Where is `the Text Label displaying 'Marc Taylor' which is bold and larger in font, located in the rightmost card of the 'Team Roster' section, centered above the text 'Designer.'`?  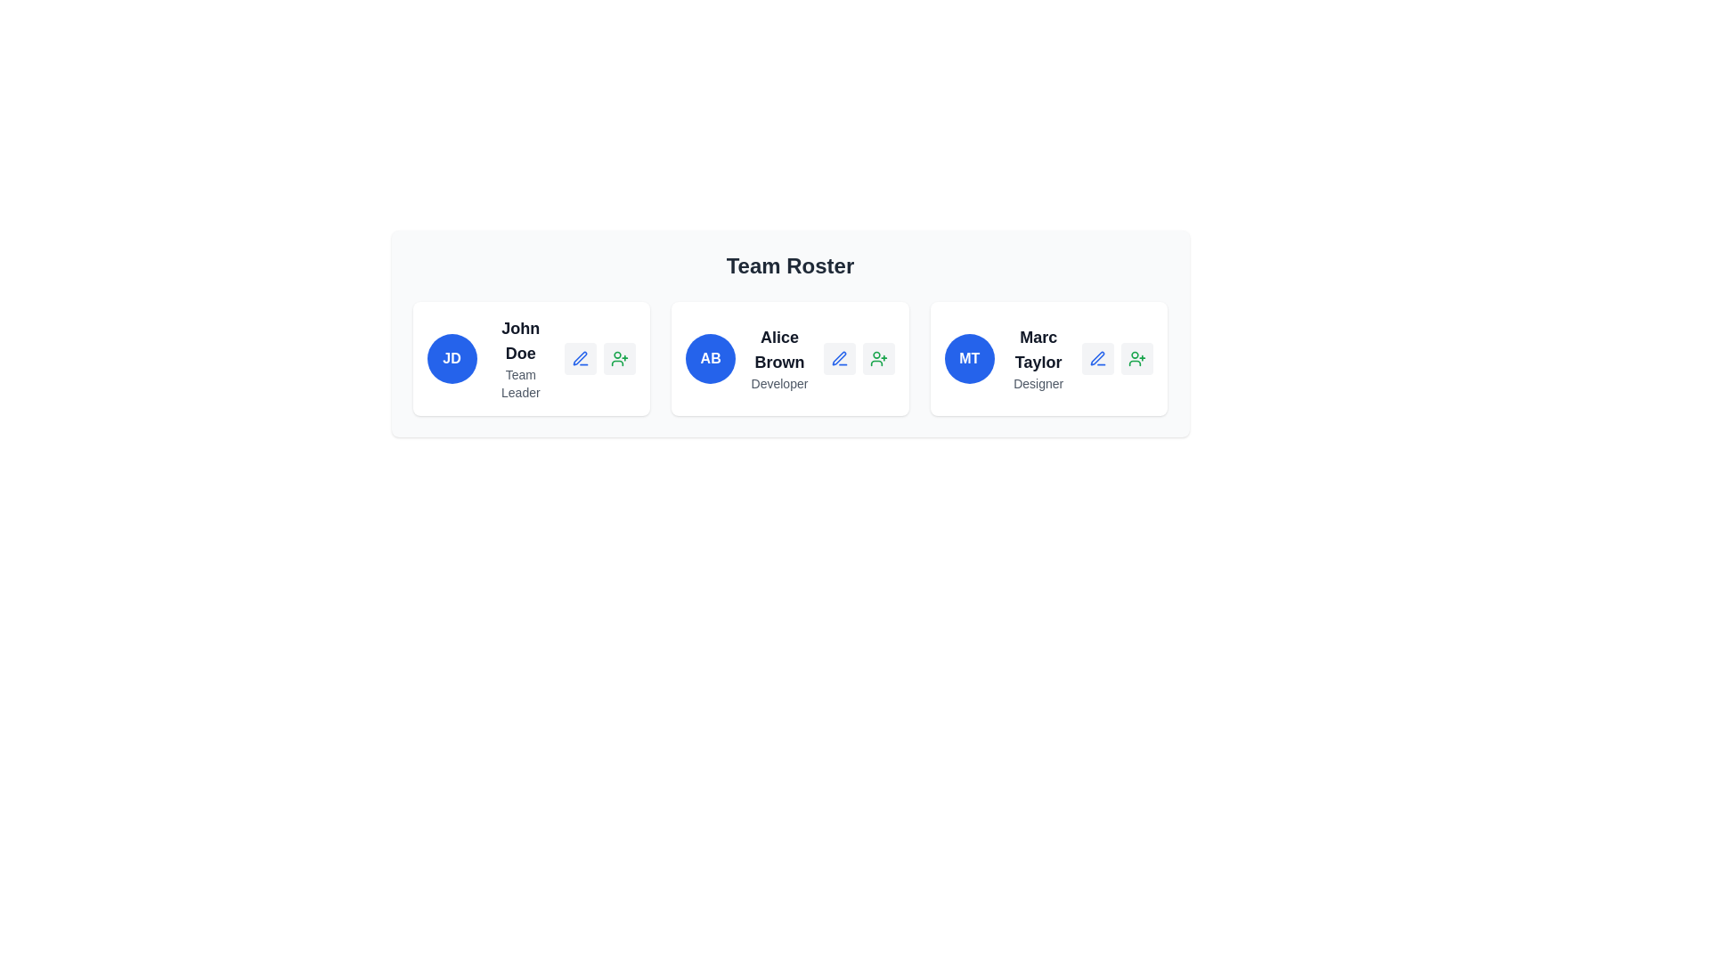
the Text Label displaying 'Marc Taylor' which is bold and larger in font, located in the rightmost card of the 'Team Roster' section, centered above the text 'Designer.' is located at coordinates (1038, 350).